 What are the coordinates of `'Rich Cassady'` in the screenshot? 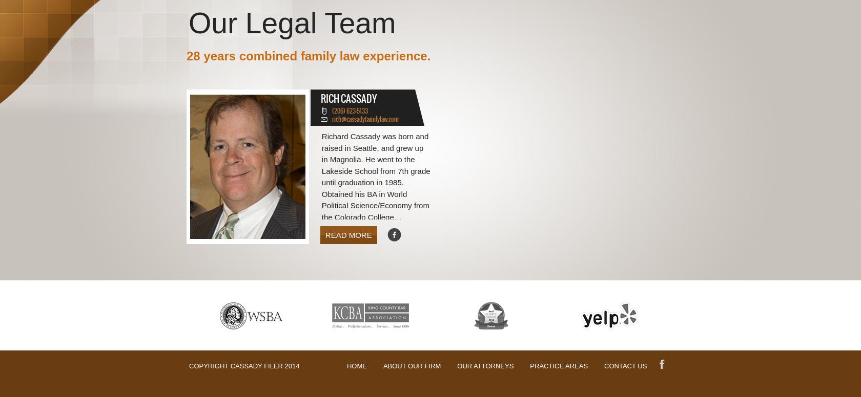 It's located at (348, 97).